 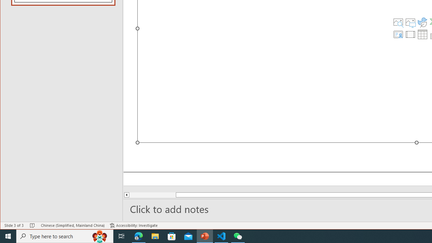 What do you see at coordinates (155, 236) in the screenshot?
I see `'File Explorer'` at bounding box center [155, 236].